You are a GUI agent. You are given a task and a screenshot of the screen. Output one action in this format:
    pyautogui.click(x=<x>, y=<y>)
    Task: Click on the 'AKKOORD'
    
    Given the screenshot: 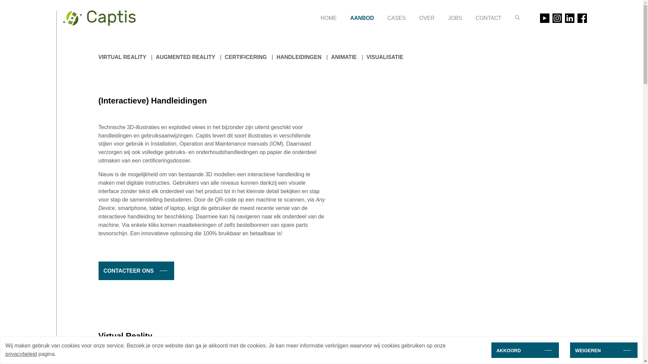 What is the action you would take?
    pyautogui.click(x=524, y=350)
    